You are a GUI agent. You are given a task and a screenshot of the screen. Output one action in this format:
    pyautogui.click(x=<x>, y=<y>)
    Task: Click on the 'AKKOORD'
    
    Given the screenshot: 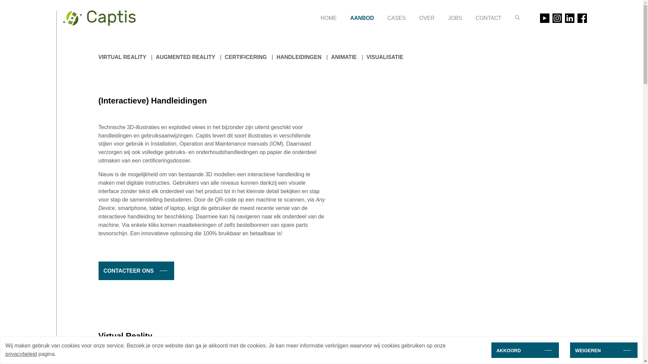 What is the action you would take?
    pyautogui.click(x=524, y=350)
    